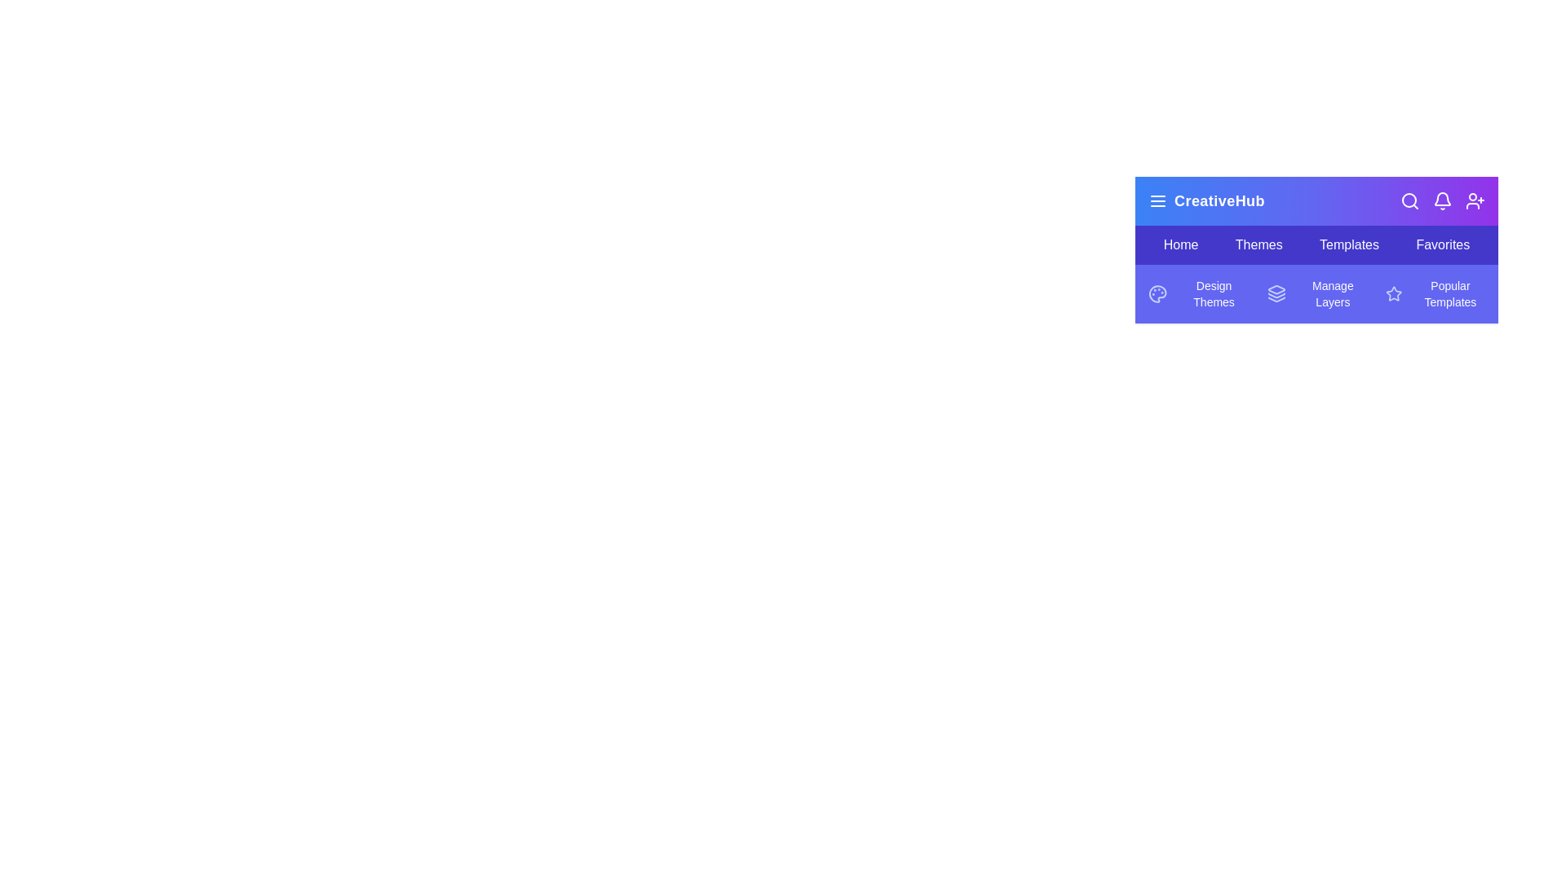 The height and width of the screenshot is (880, 1566). What do you see at coordinates (1443, 244) in the screenshot?
I see `the menu item Favorites` at bounding box center [1443, 244].